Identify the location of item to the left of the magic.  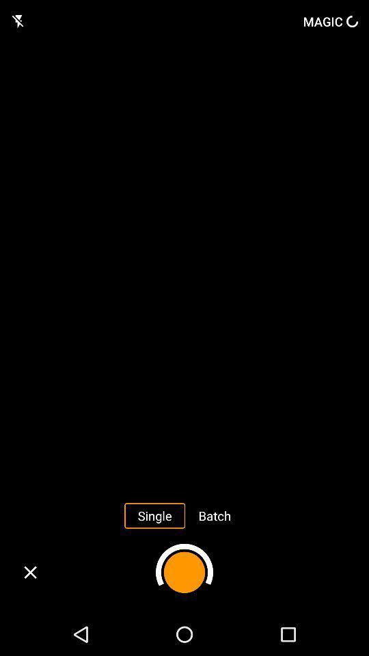
(18, 20).